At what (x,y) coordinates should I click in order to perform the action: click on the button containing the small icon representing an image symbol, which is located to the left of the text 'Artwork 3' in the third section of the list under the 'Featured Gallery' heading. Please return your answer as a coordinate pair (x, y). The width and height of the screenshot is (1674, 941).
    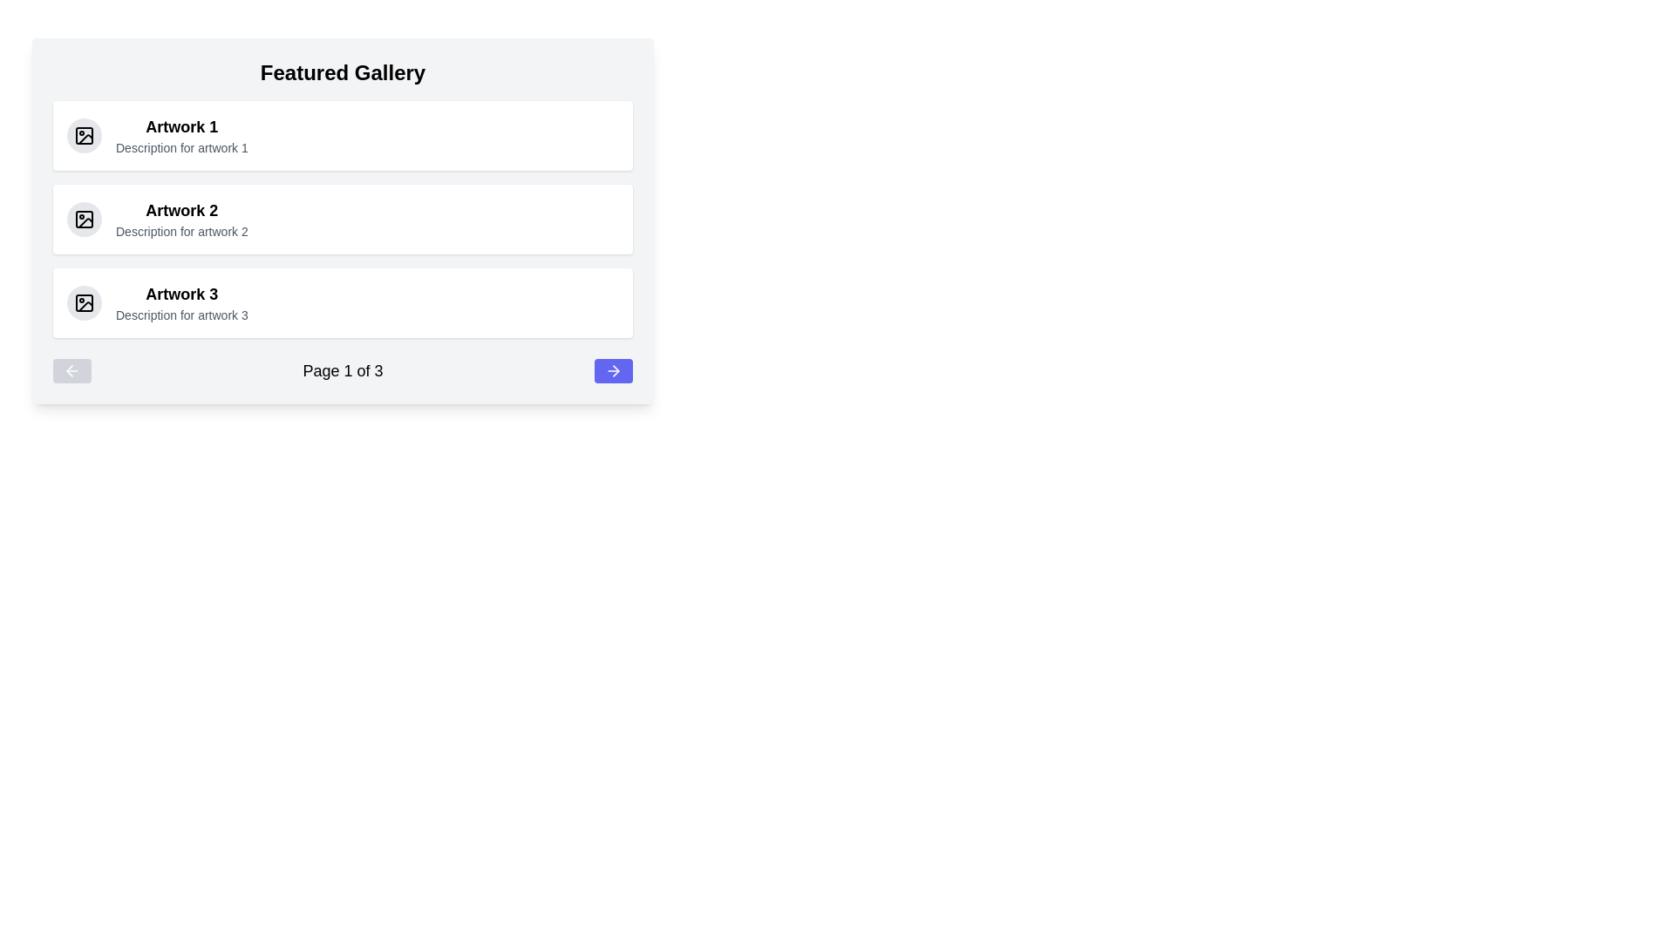
    Looking at the image, I should click on (83, 301).